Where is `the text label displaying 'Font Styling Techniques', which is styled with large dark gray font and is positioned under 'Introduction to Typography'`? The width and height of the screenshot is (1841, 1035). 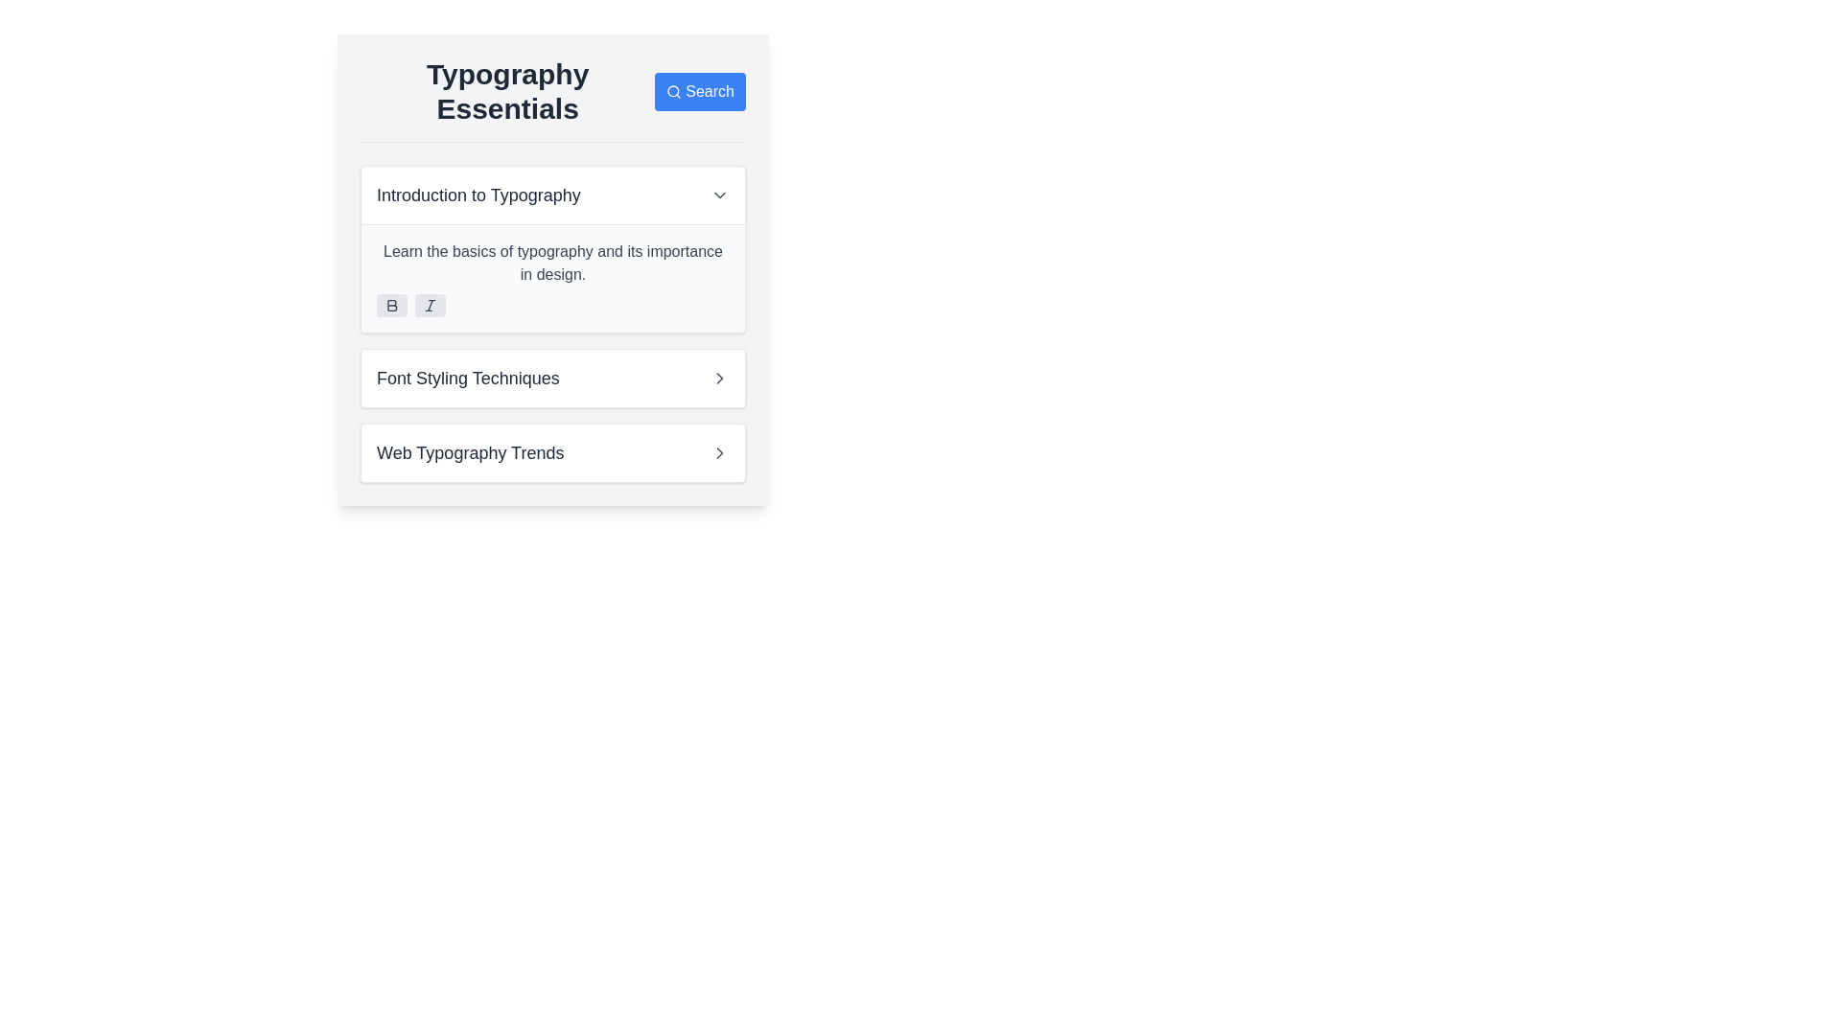
the text label displaying 'Font Styling Techniques', which is styled with large dark gray font and is positioned under 'Introduction to Typography' is located at coordinates (468, 378).